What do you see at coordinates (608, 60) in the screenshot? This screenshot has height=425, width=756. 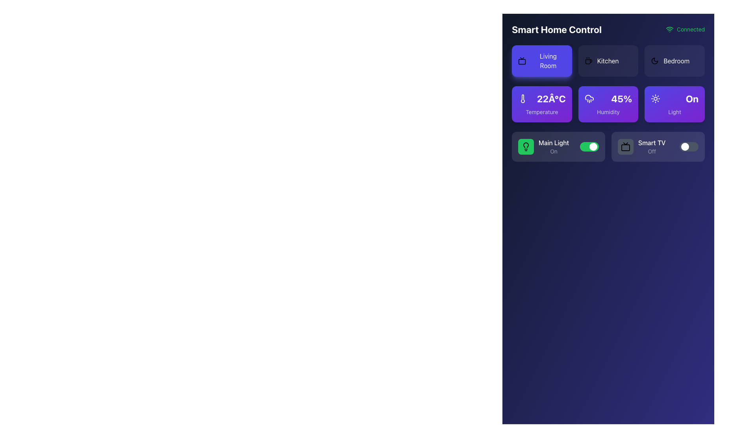 I see `the 'Kitchen' button, which is a rectangular button with a coffee cup icon and the text 'Kitchen', located in the top section of the interface under 'Smart Home Control'` at bounding box center [608, 60].